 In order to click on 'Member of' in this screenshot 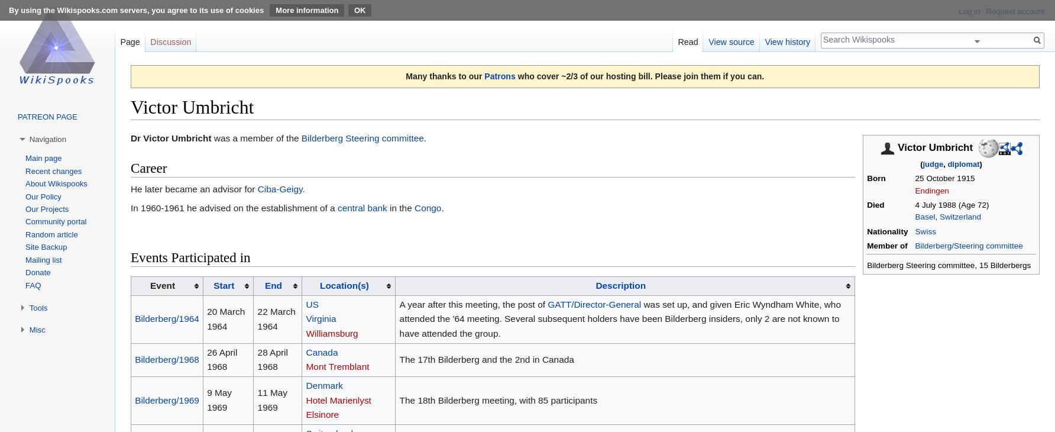, I will do `click(886, 244)`.